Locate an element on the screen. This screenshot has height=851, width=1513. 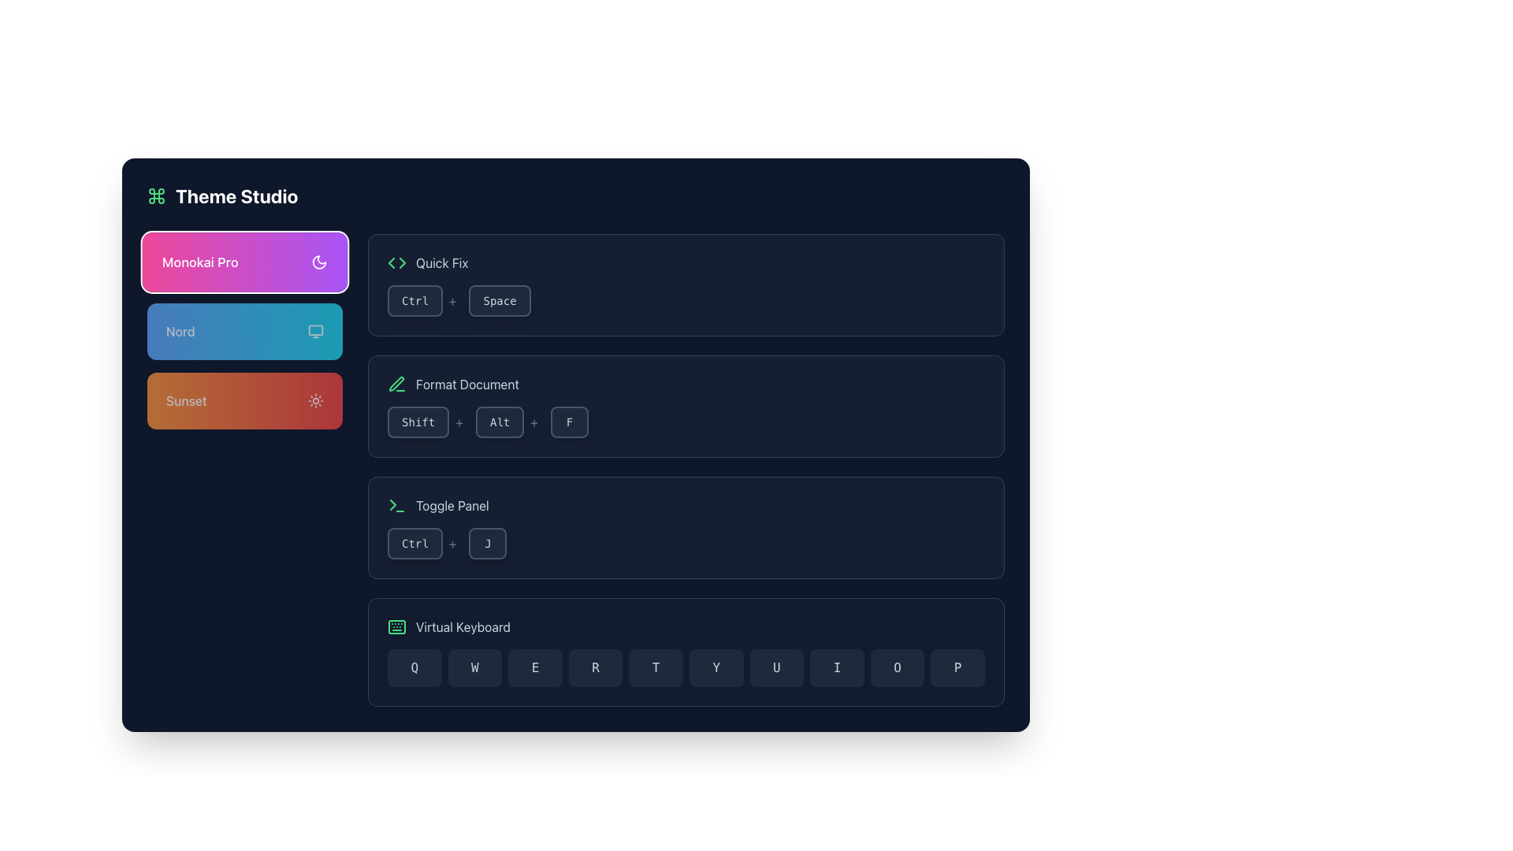
the 'Theme Studio' icon located at the top-left corner of the interface is located at coordinates (156, 195).